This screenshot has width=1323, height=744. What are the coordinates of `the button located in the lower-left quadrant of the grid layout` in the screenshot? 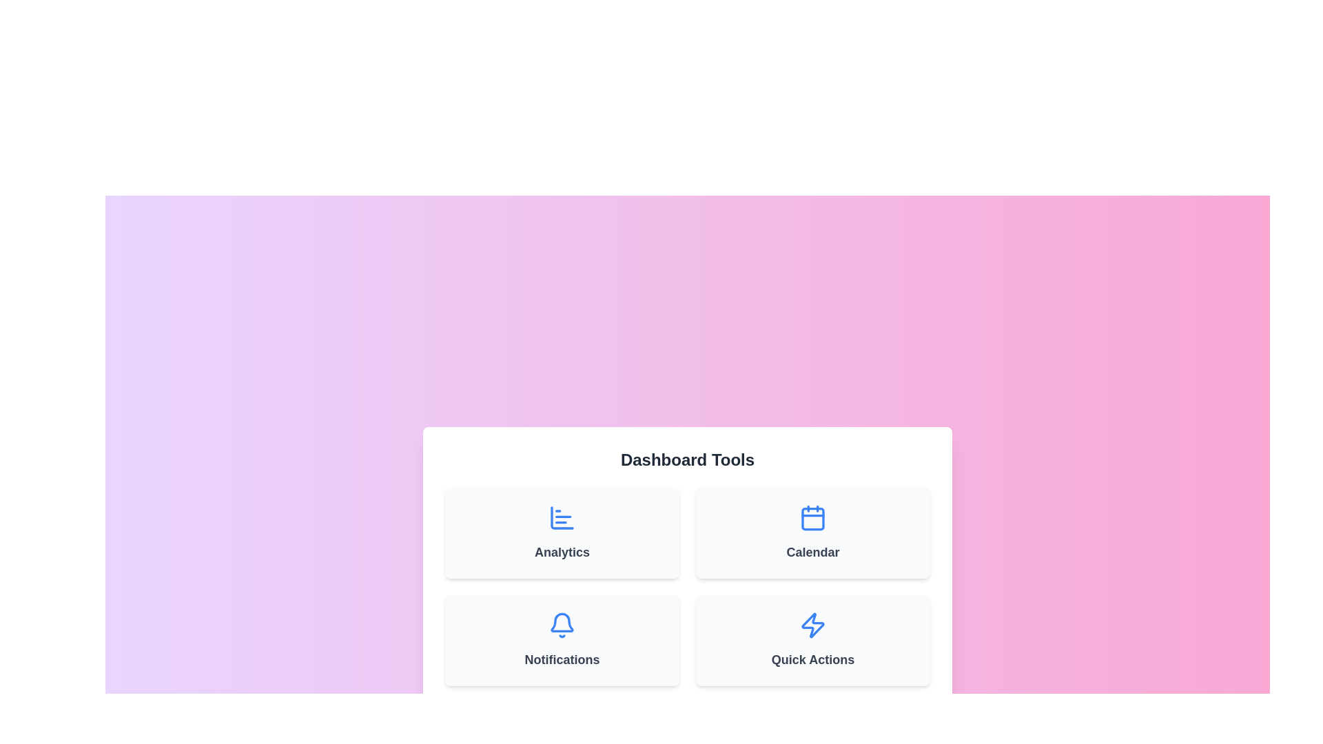 It's located at (562, 640).